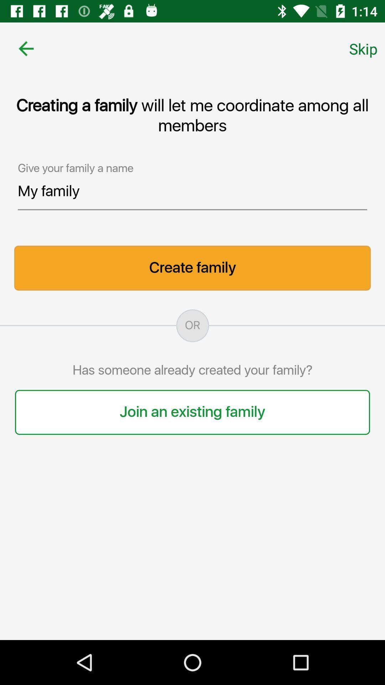  What do you see at coordinates (192, 325) in the screenshot?
I see `the item below create family icon` at bounding box center [192, 325].